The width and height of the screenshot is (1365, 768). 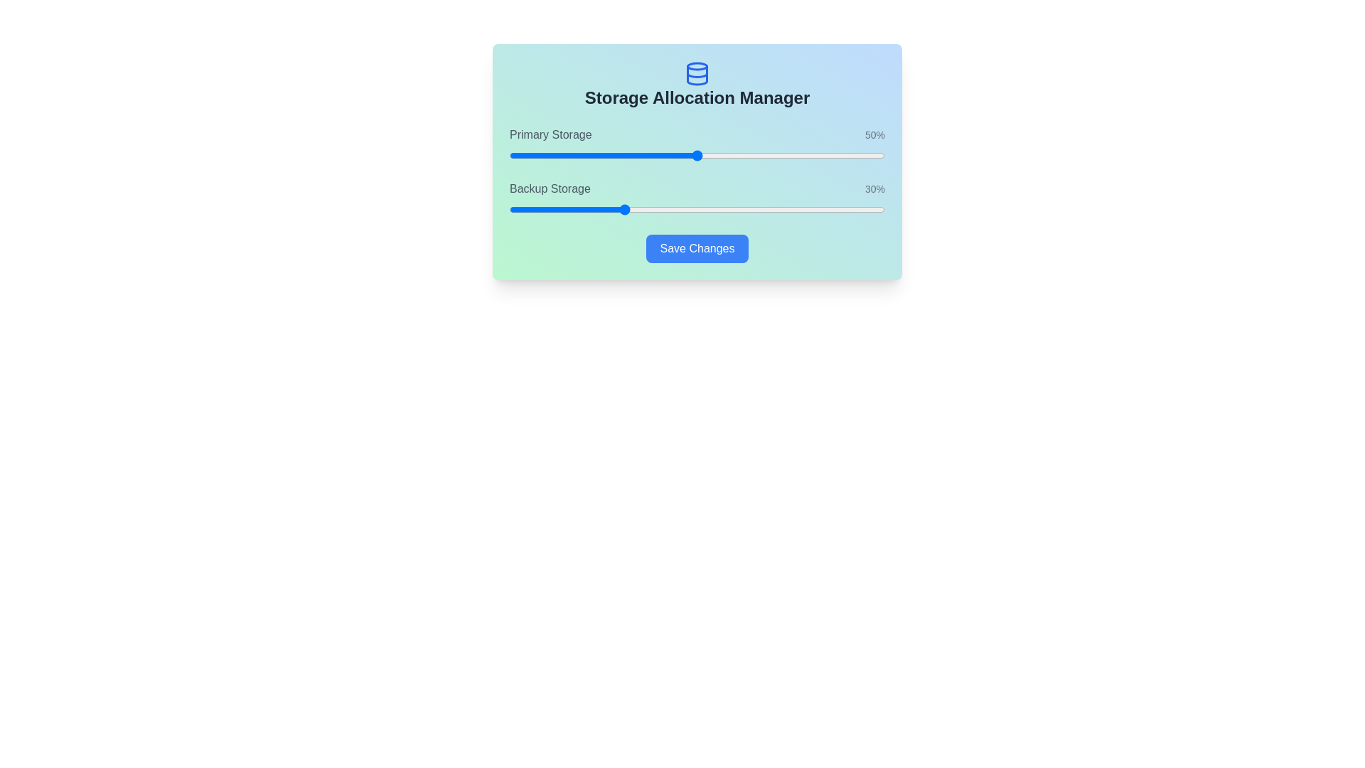 I want to click on the Backup Storage slider to 1%, so click(x=513, y=209).